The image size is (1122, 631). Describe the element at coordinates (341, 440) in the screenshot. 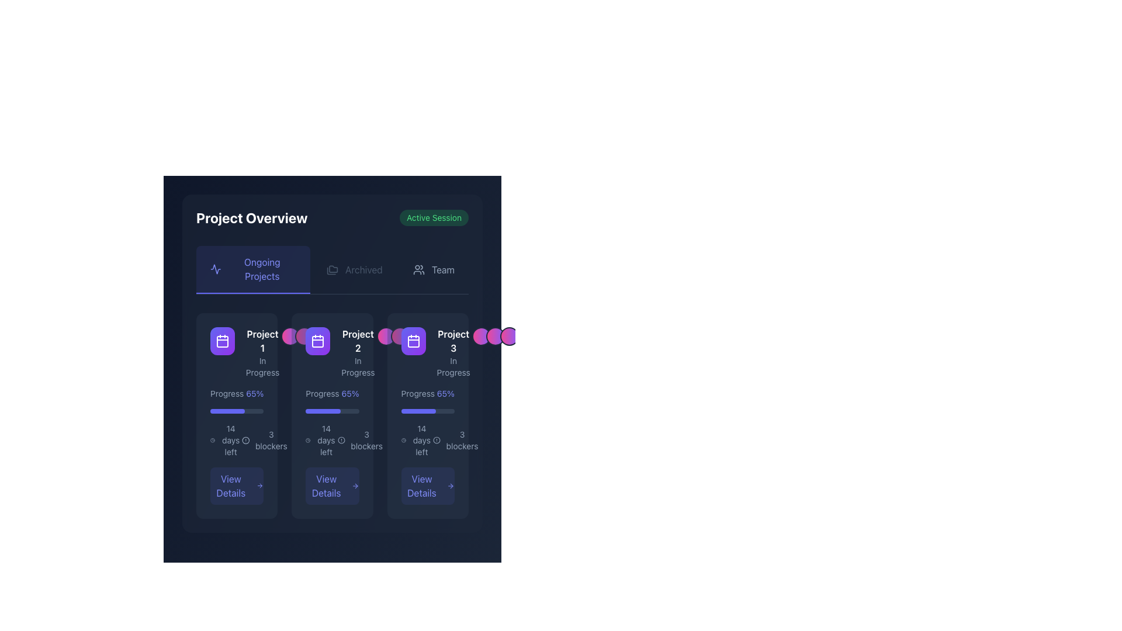

I see `the circular element of the alert or notification icon` at that location.